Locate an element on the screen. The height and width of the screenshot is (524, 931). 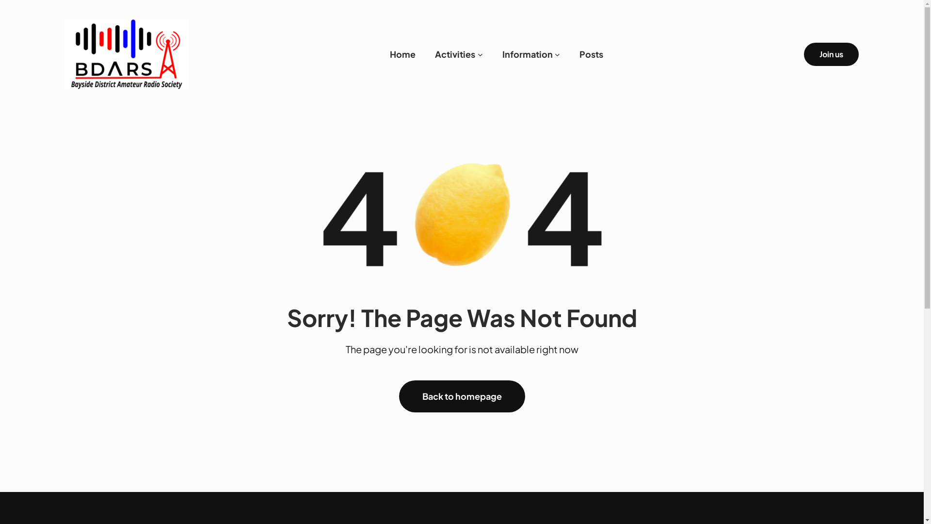
'Join us' is located at coordinates (831, 54).